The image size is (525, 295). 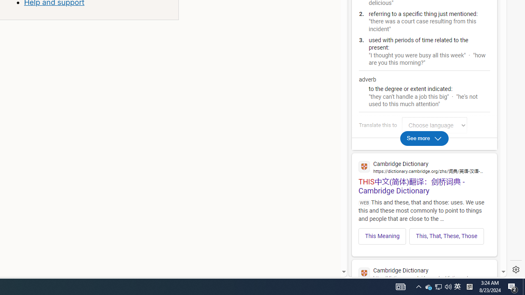 What do you see at coordinates (434, 125) in the screenshot?
I see `'Translate this to Choose language'` at bounding box center [434, 125].